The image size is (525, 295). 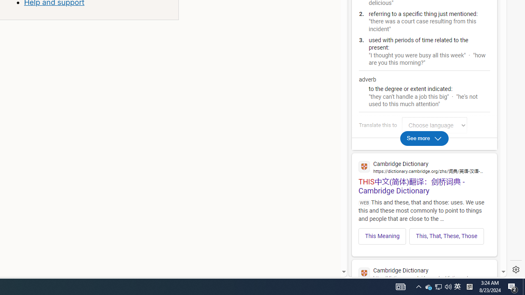 What do you see at coordinates (434, 125) in the screenshot?
I see `'Translate this to Choose language'` at bounding box center [434, 125].